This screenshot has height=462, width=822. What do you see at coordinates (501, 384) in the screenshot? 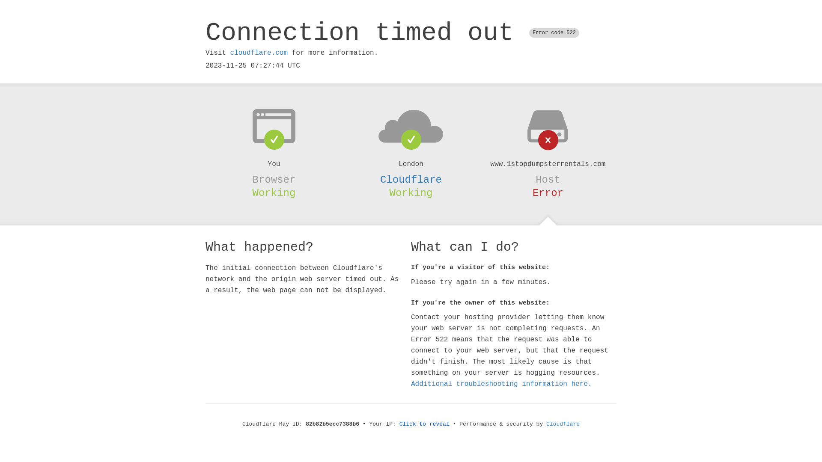
I see `'Additional troubleshooting information here.'` at bounding box center [501, 384].